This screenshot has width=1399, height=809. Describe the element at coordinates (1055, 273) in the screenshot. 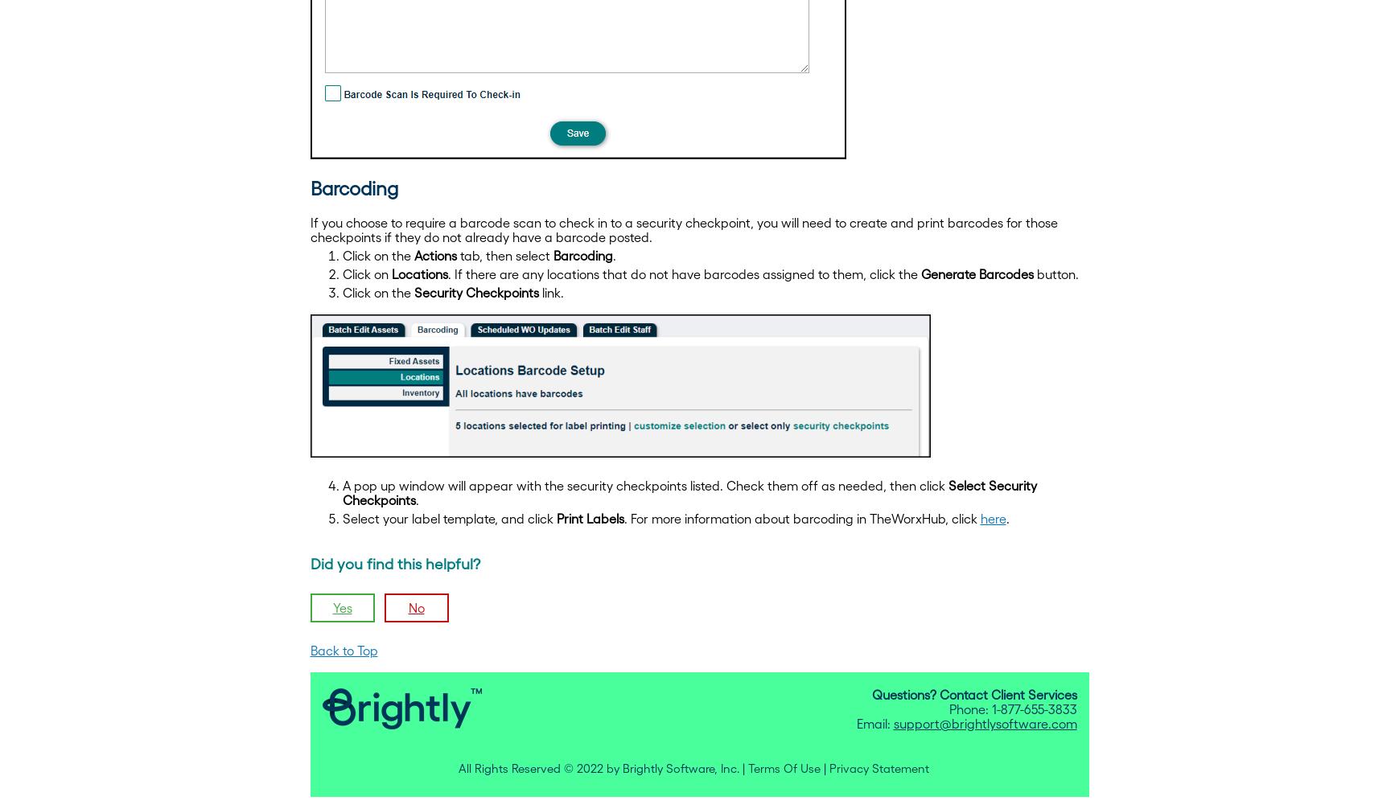

I see `'button.'` at that location.